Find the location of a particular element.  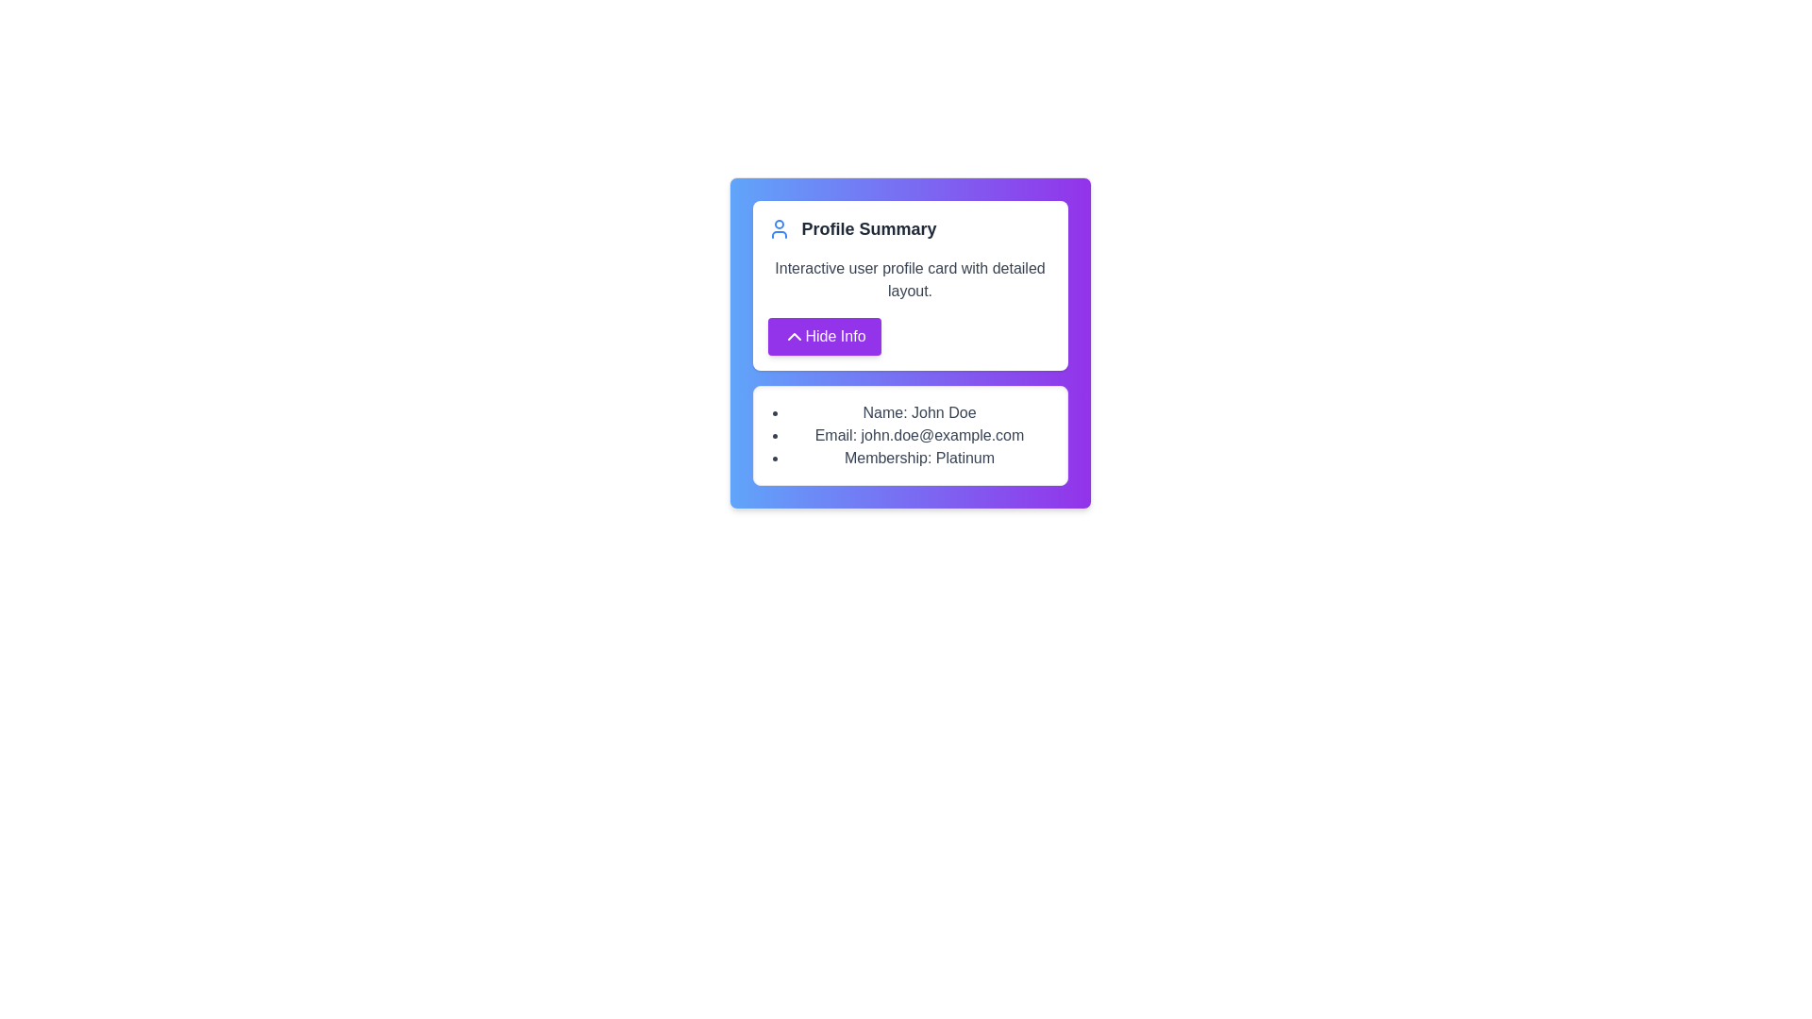

the 'Hide Info' button located within the user profile card is located at coordinates (824, 336).